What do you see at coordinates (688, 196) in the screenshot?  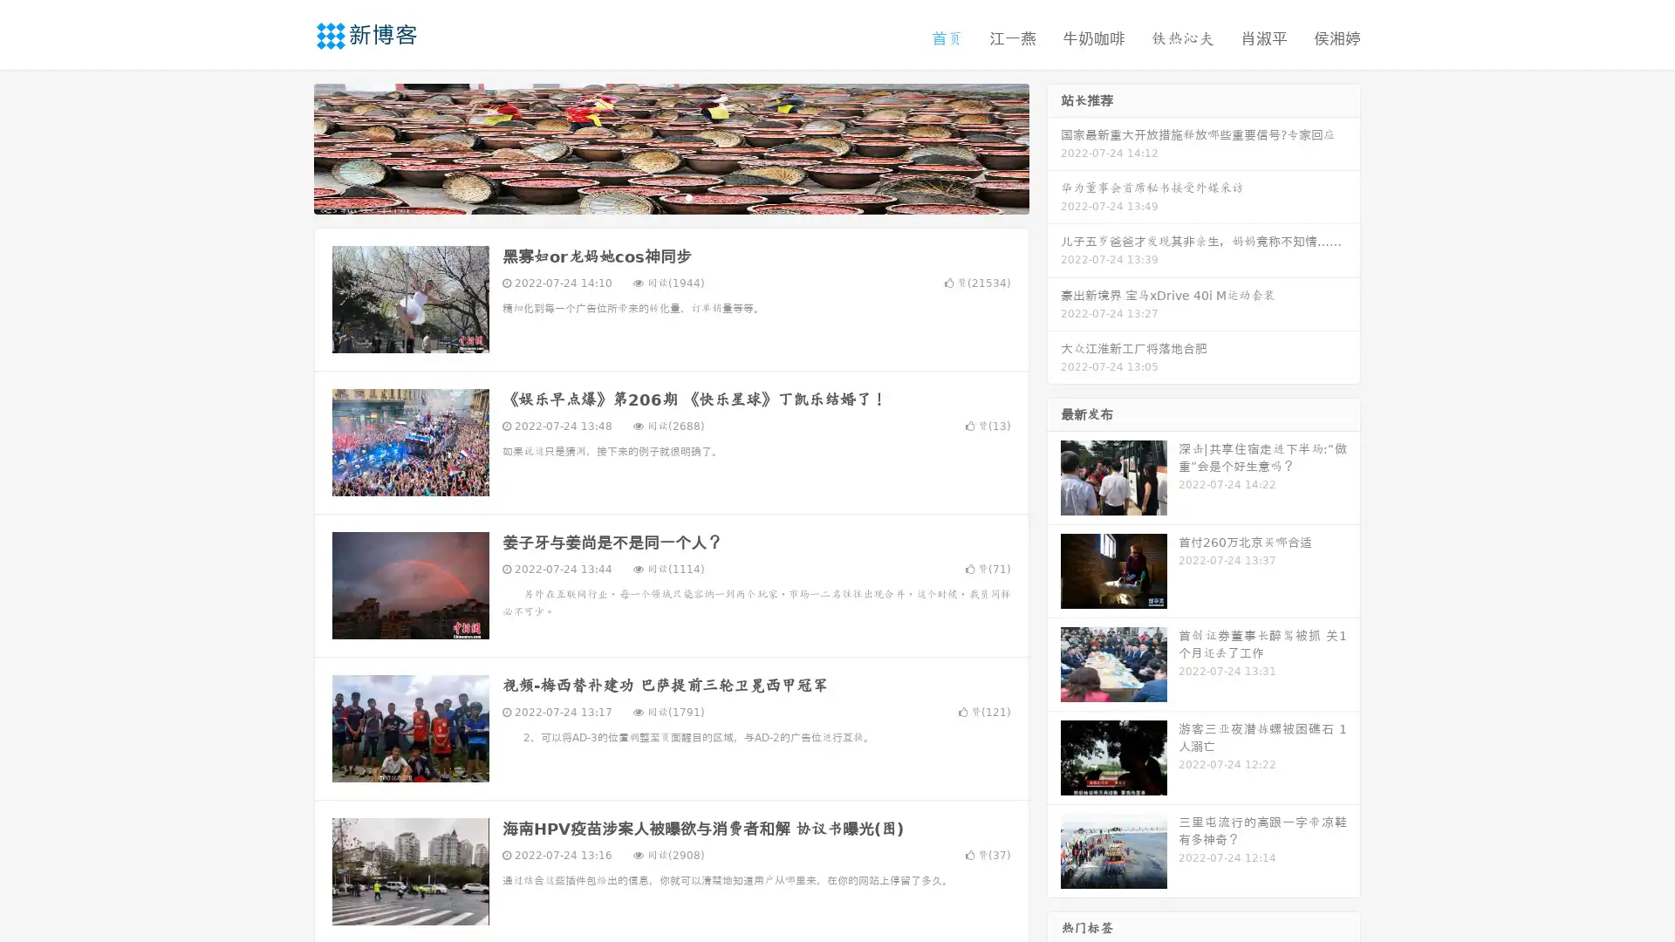 I see `Go to slide 3` at bounding box center [688, 196].